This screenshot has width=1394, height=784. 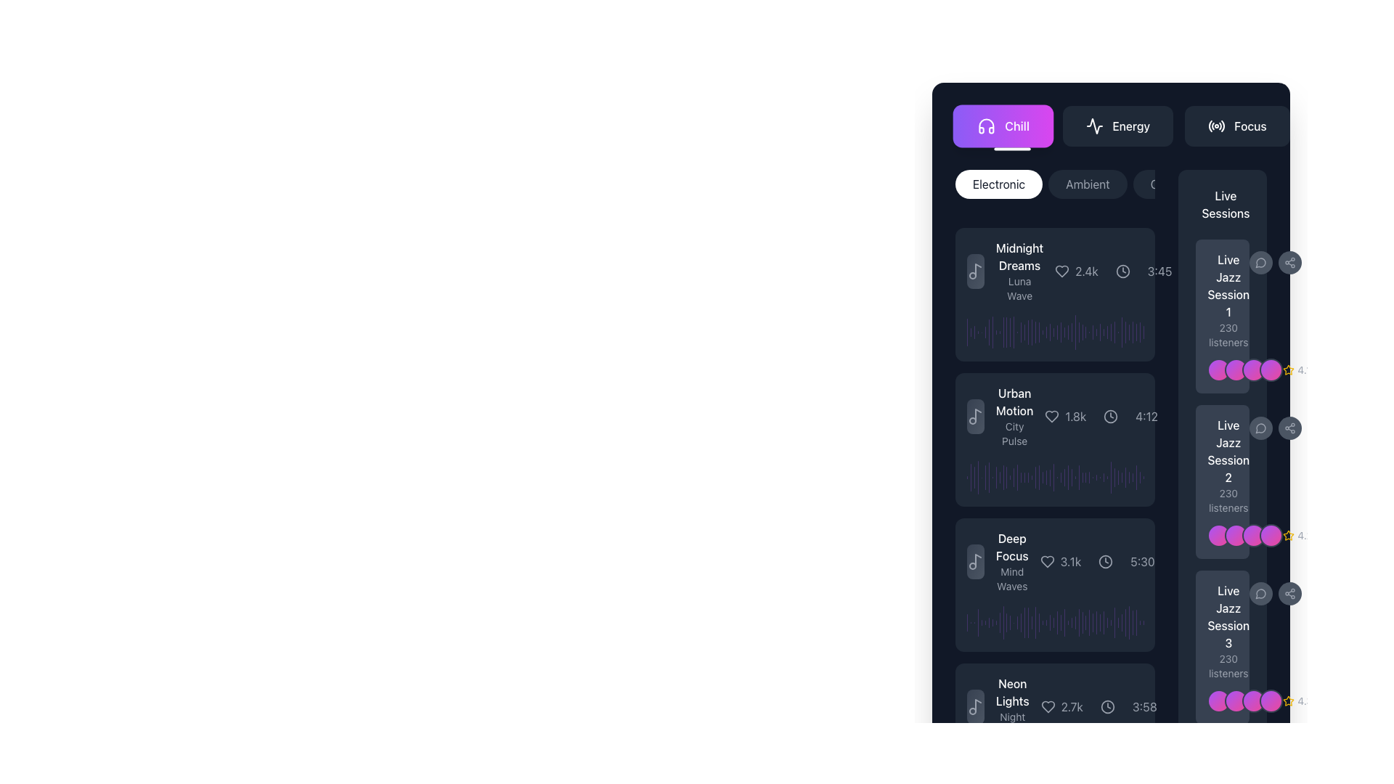 What do you see at coordinates (1019, 288) in the screenshot?
I see `the static text label 'Luna Wave' which is styled in a smaller, gray-colored font, positioned directly below its sibling text 'Midnight Dreams' within the left sidebar interface panel` at bounding box center [1019, 288].